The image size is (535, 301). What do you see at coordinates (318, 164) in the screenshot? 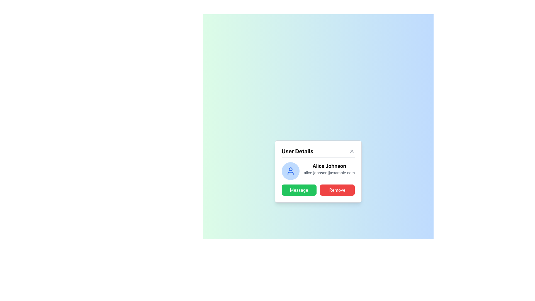
I see `the Text label displaying the name of the user in the 'User Details' modal, located below the title and adjacent to the email address` at bounding box center [318, 164].